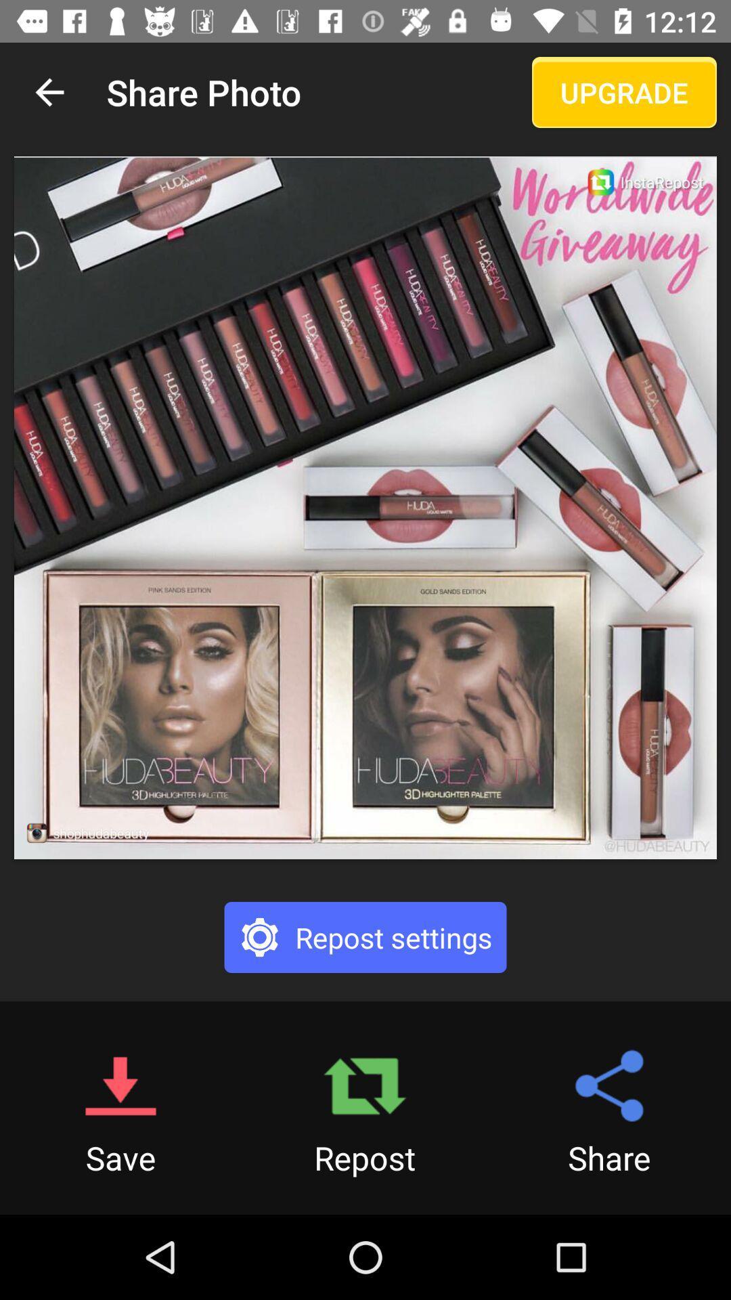  I want to click on upgrade, so click(624, 91).